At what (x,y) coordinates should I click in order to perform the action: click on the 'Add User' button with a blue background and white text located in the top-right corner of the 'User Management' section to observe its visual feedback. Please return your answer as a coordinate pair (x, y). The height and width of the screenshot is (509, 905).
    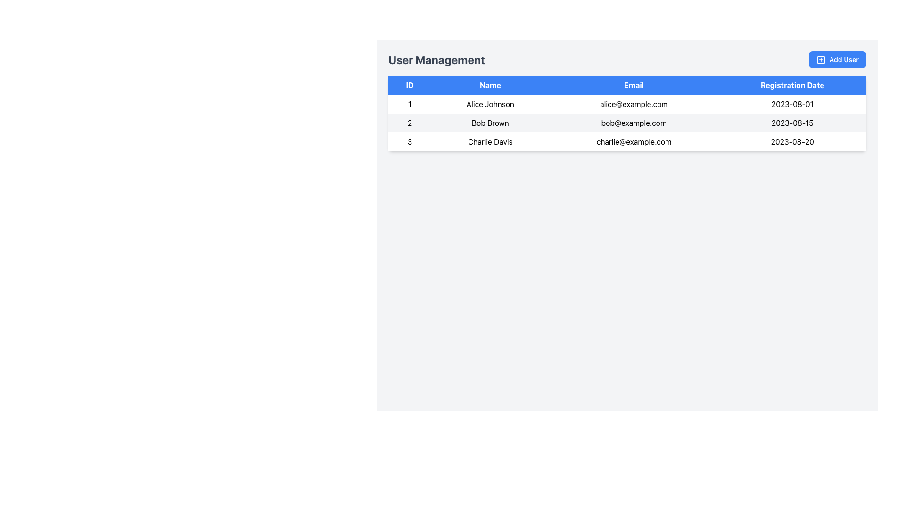
    Looking at the image, I should click on (837, 60).